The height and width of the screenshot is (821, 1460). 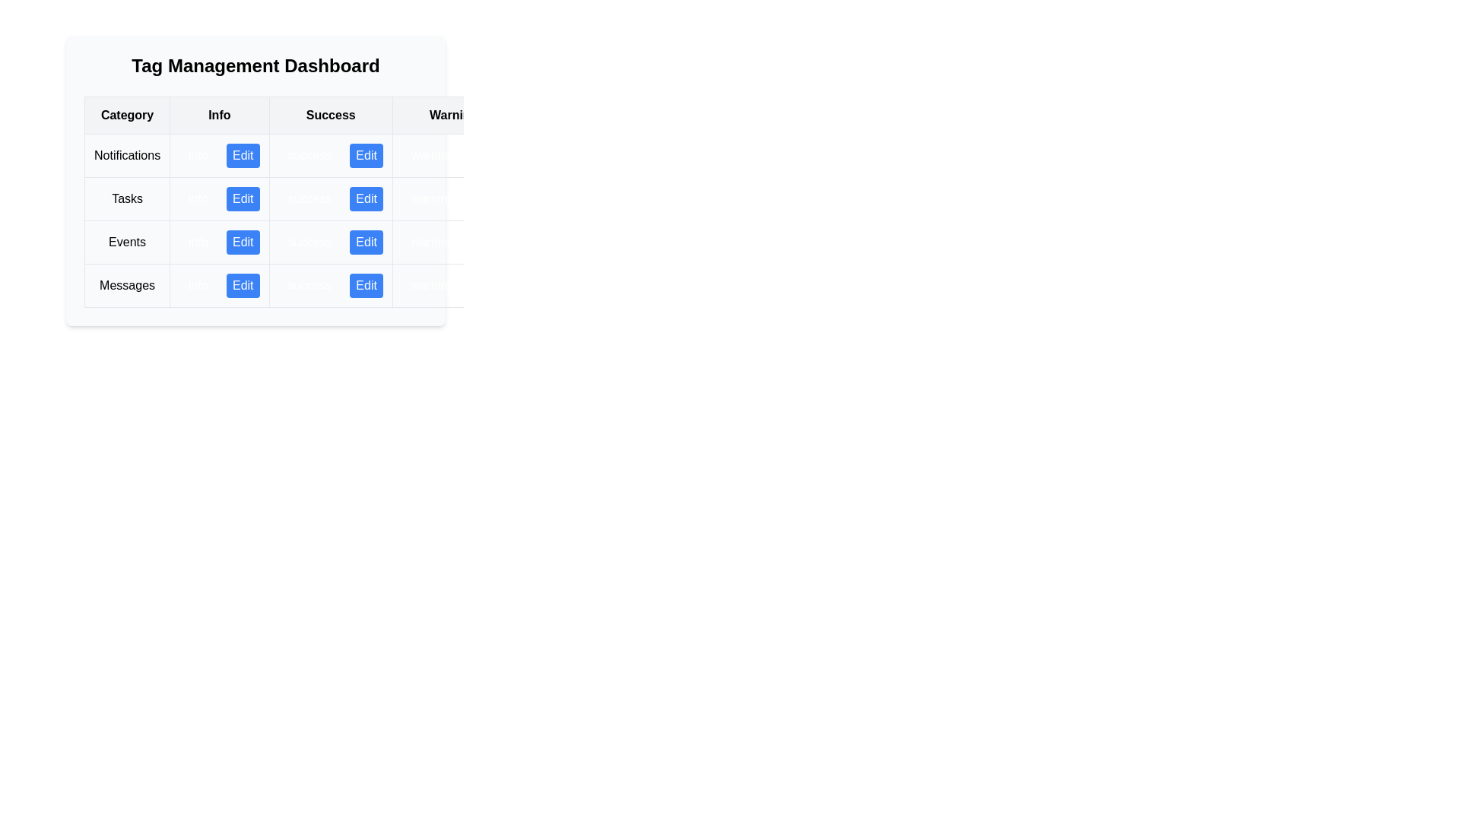 I want to click on the edit button located in the fourth row under the 'Info' column, next to the 'info' badge, so click(x=242, y=285).